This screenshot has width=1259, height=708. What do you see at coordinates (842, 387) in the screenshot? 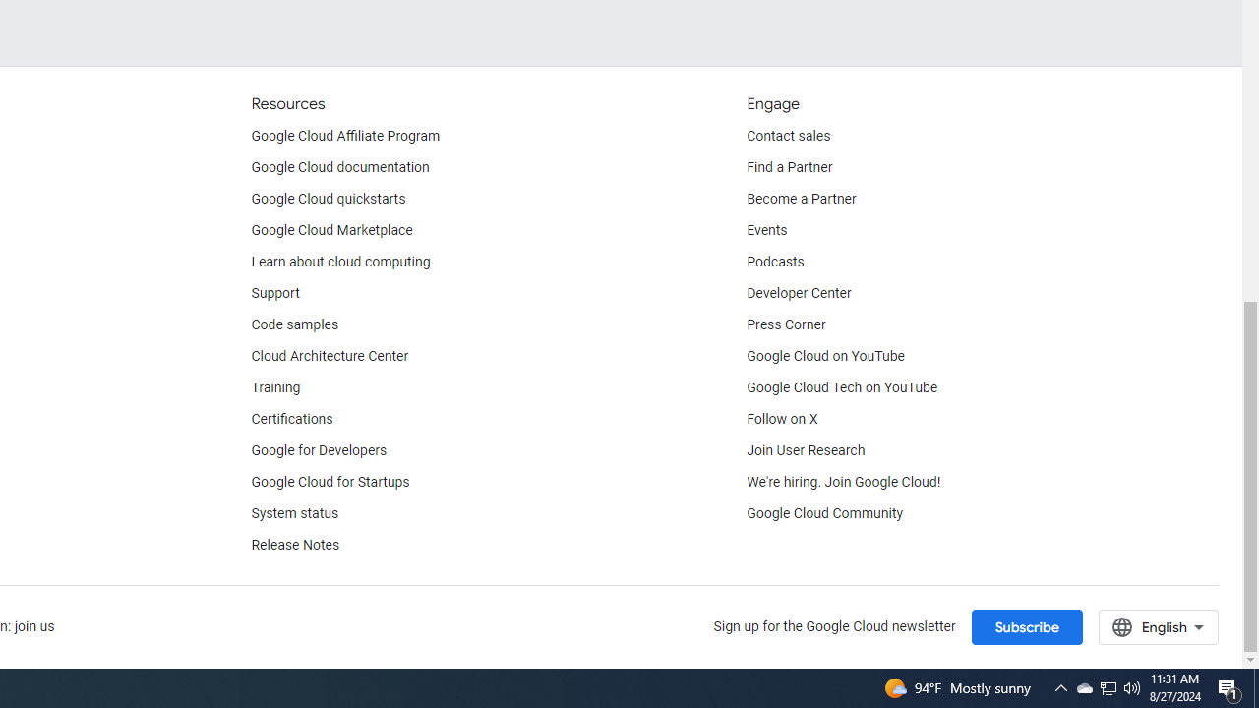
I see `'Google Cloud Tech on YouTube'` at bounding box center [842, 387].